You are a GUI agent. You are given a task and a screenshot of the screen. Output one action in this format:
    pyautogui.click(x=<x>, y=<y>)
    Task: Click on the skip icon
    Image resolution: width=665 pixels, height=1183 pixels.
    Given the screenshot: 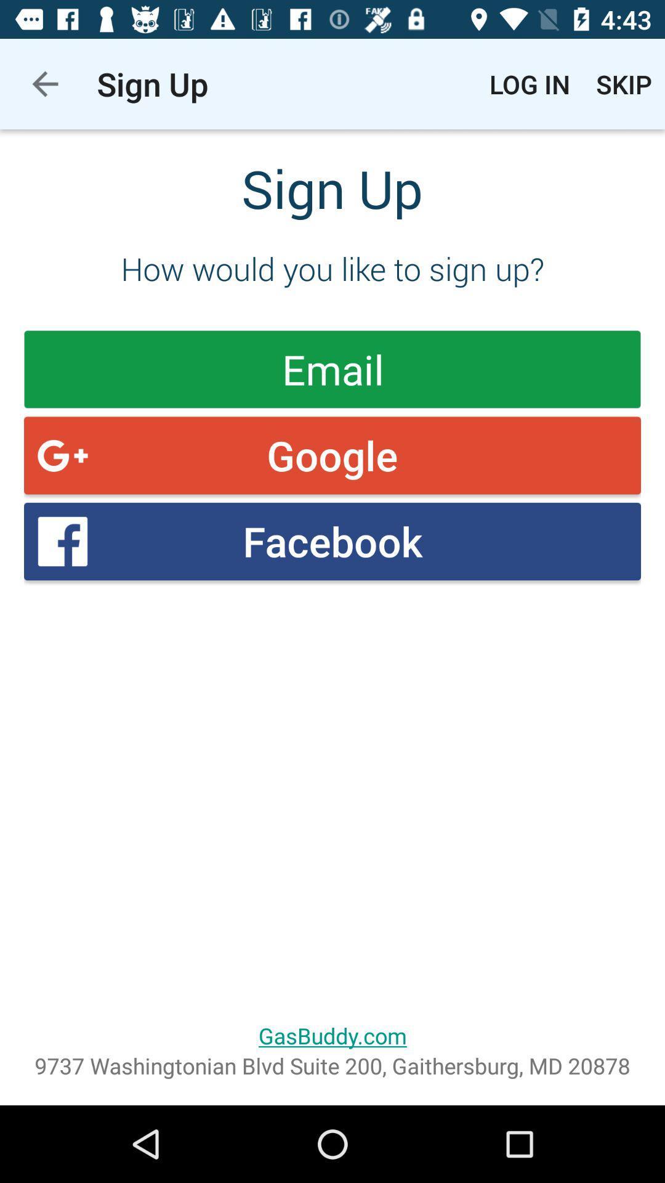 What is the action you would take?
    pyautogui.click(x=624, y=83)
    